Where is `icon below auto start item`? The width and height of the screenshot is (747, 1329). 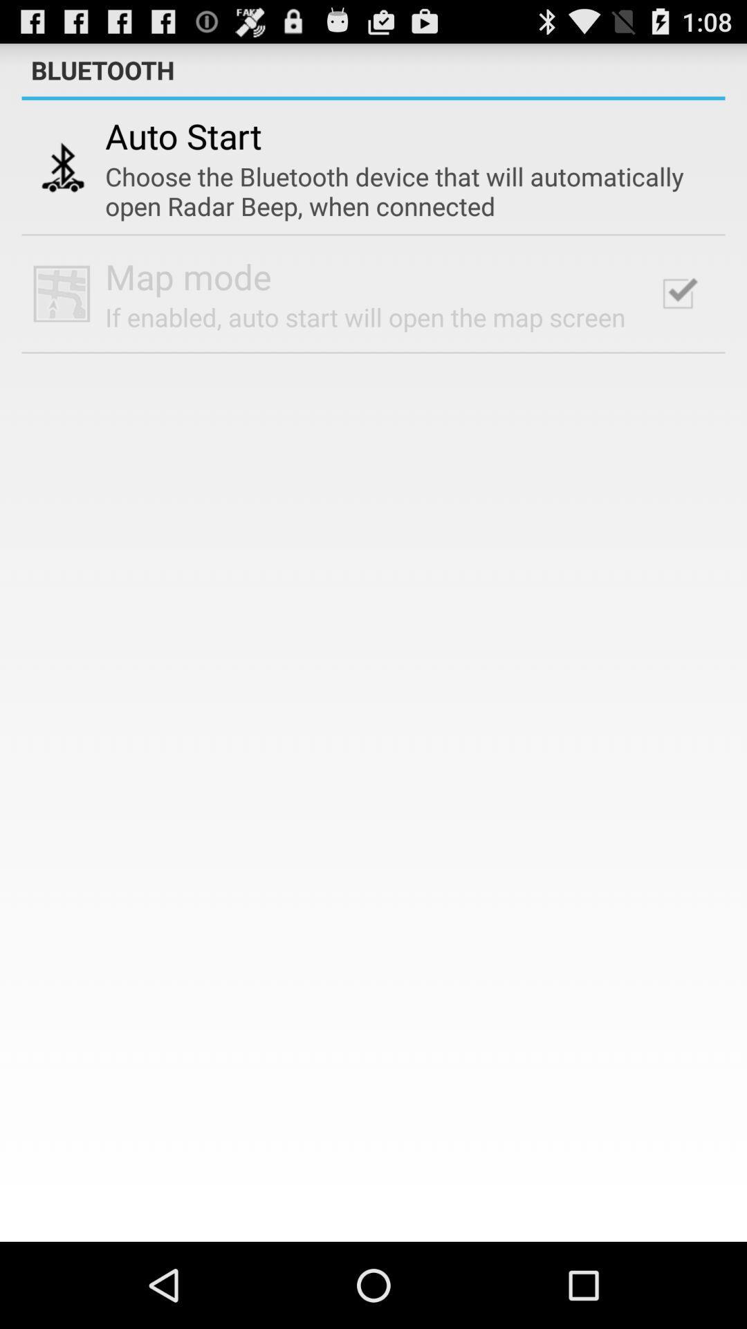
icon below auto start item is located at coordinates (400, 190).